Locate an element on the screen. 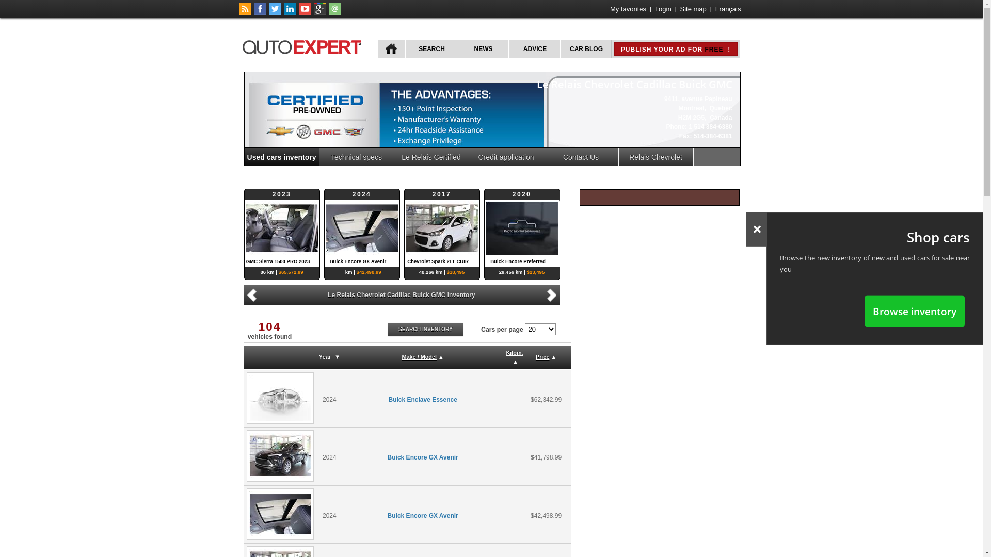 Image resolution: width=991 pixels, height=557 pixels. 'Follow autoExpert.ca on Twitter' is located at coordinates (268, 12).